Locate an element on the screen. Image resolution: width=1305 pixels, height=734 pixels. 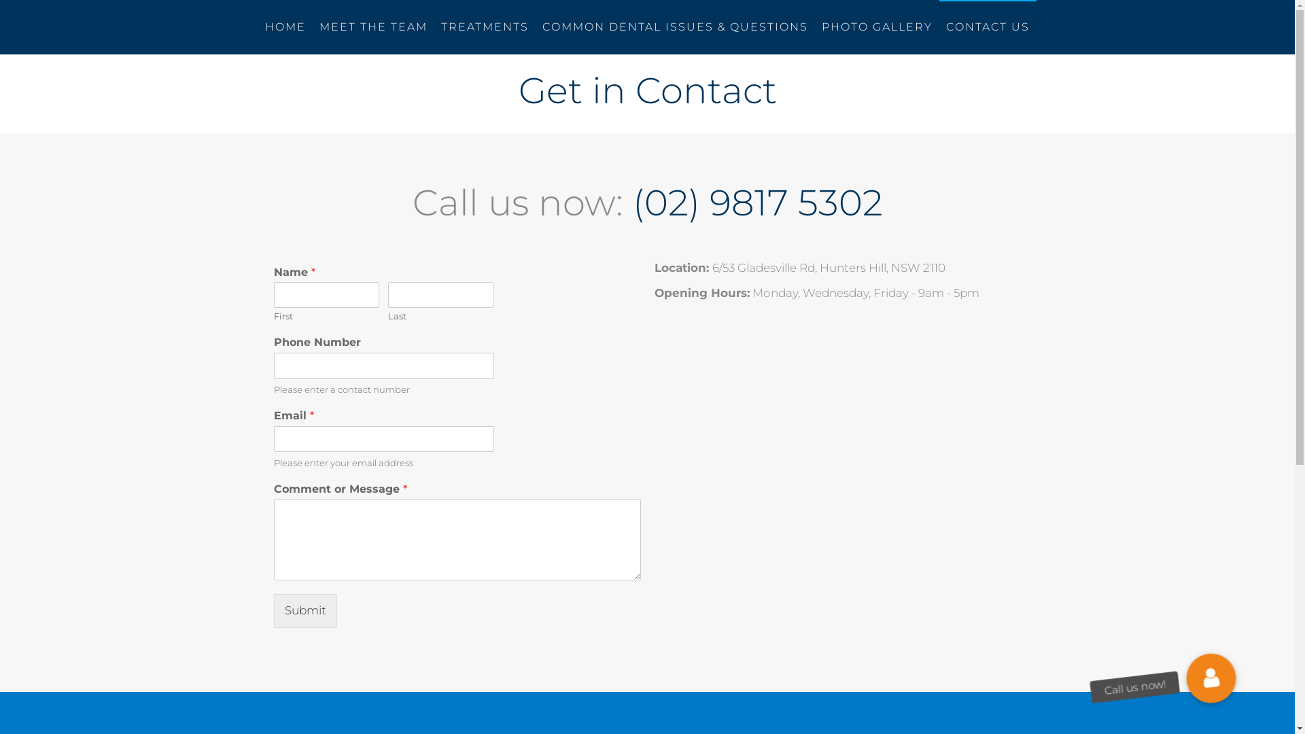
'Call us now!' is located at coordinates (1207, 674).